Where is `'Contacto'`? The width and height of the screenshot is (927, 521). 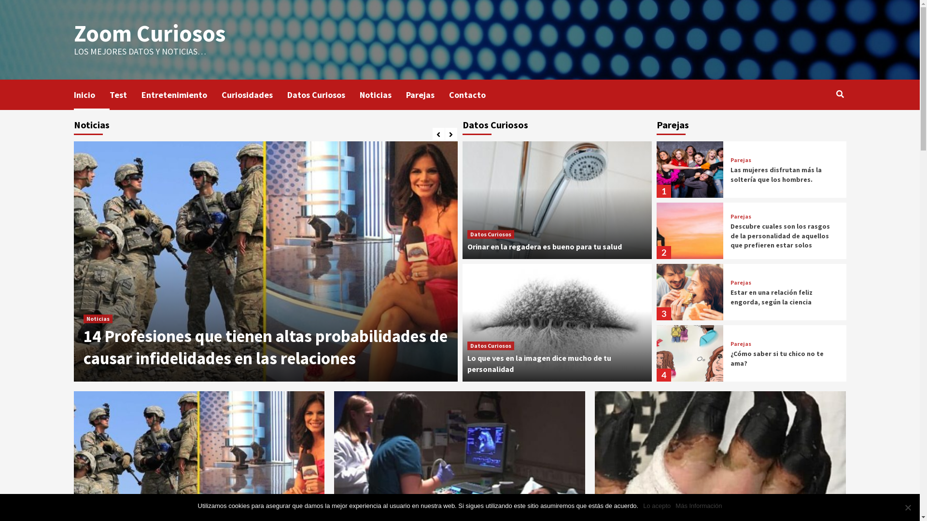 'Contacto' is located at coordinates (449, 95).